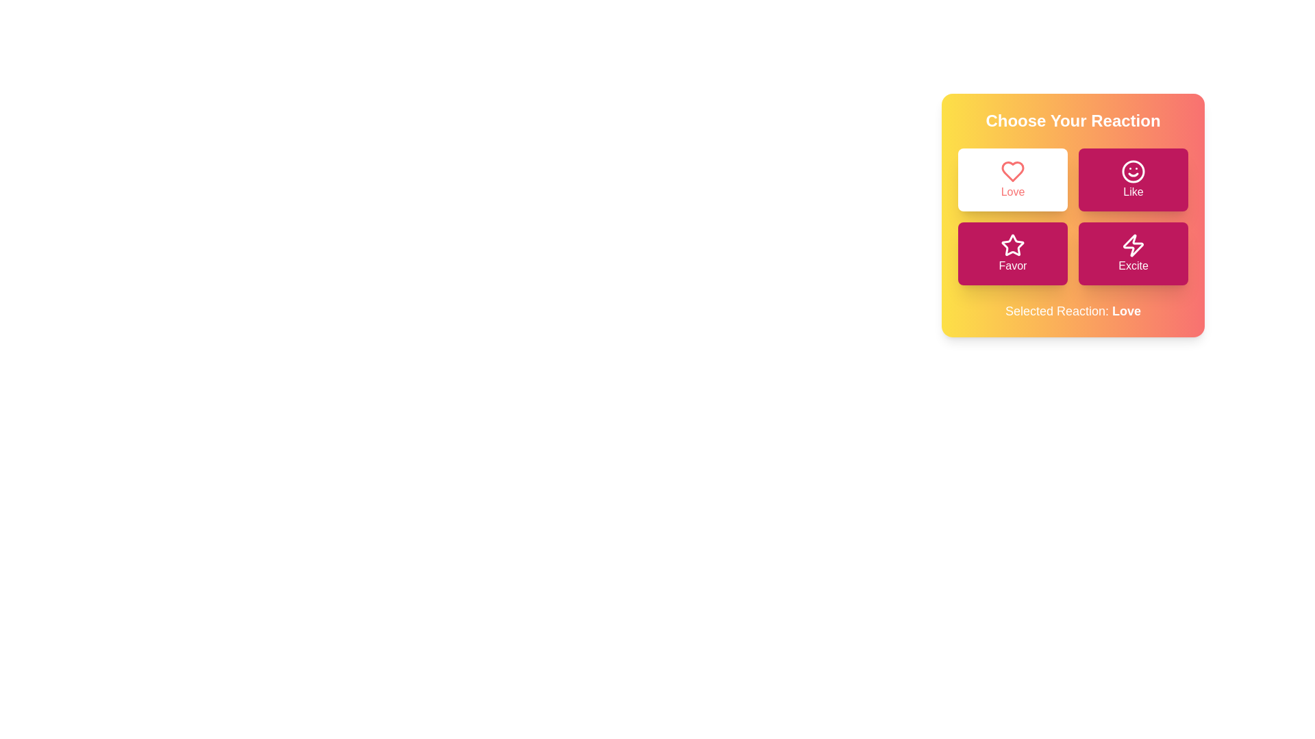 The height and width of the screenshot is (739, 1315). What do you see at coordinates (1012, 179) in the screenshot?
I see `the button corresponding to the reaction Love` at bounding box center [1012, 179].